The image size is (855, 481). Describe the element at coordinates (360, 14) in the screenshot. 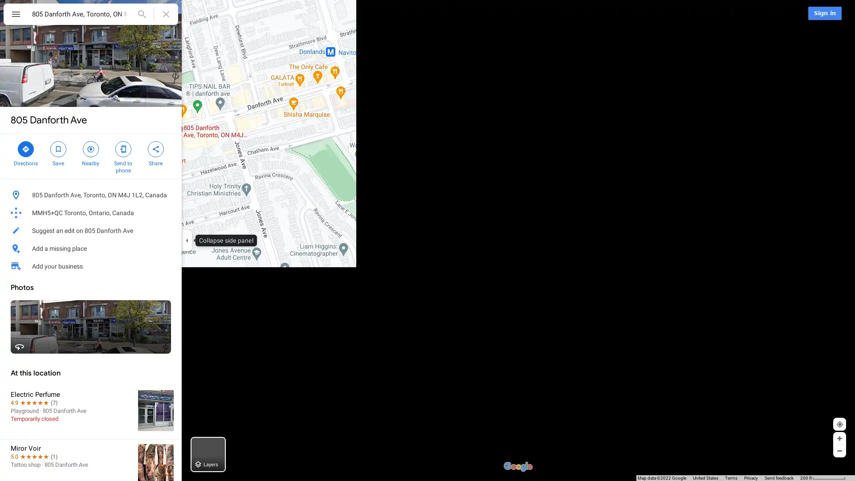

I see `Transit` at that location.